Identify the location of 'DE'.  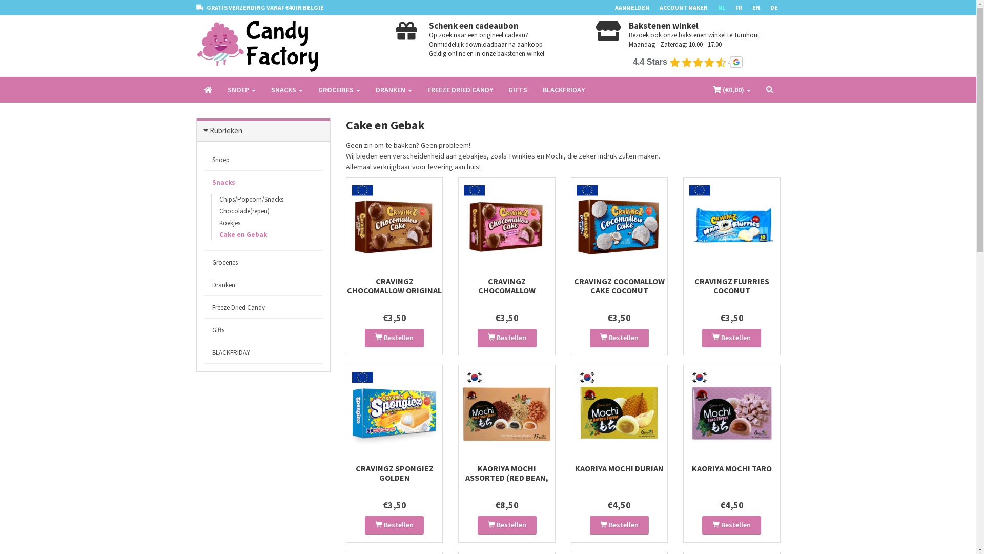
(778, 8).